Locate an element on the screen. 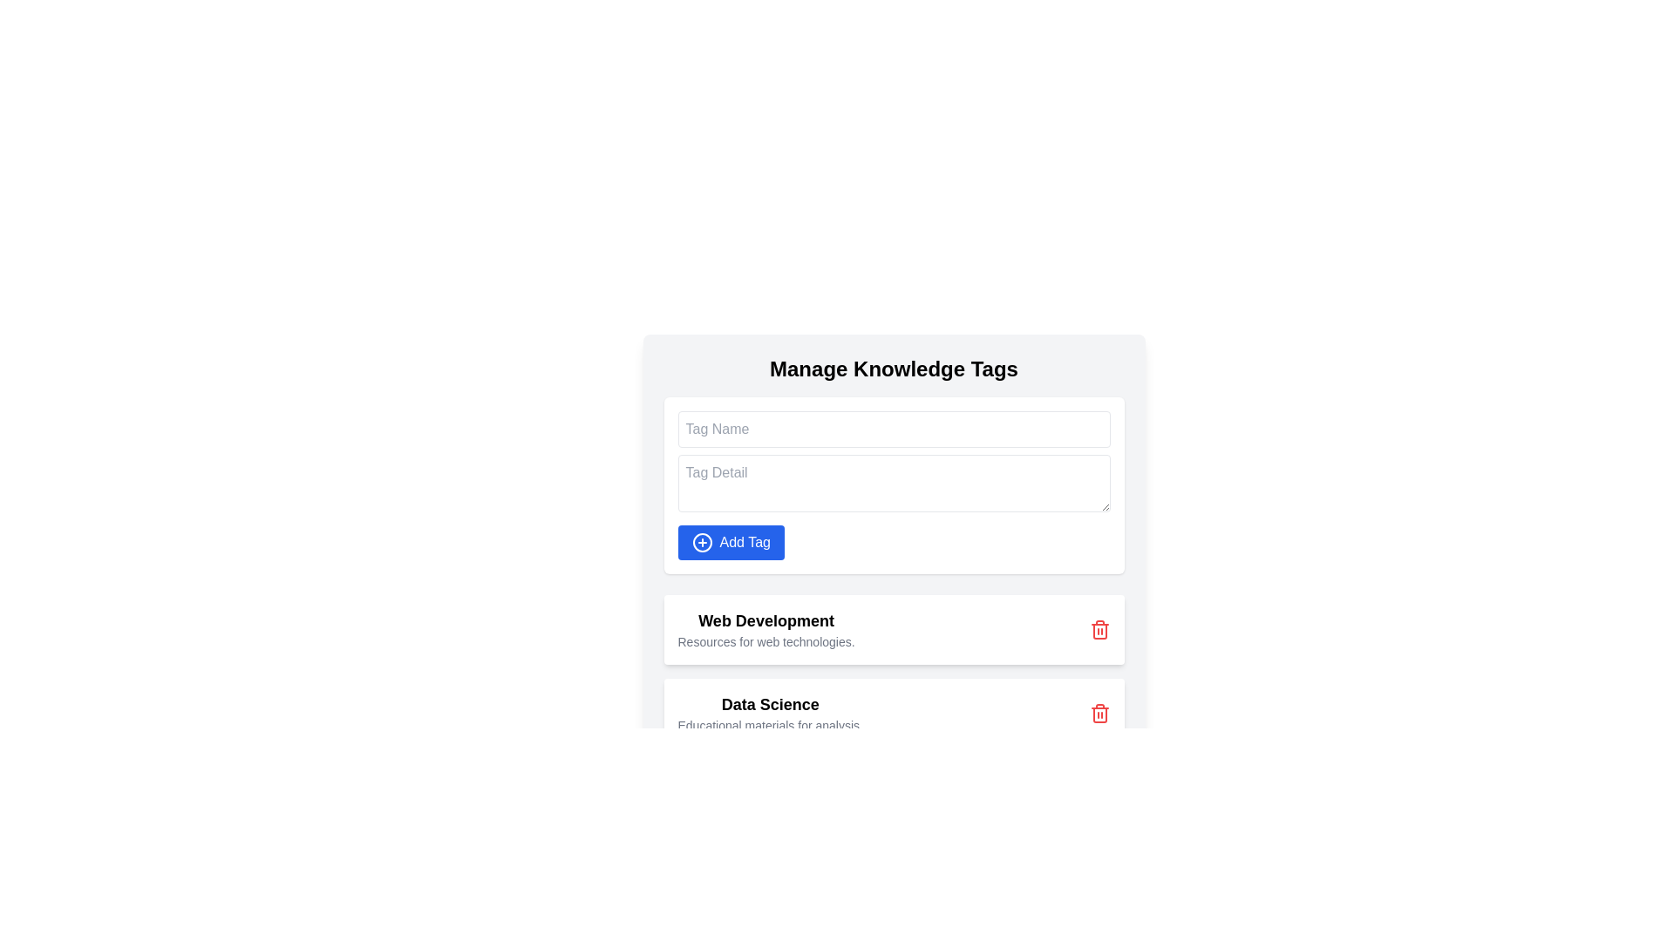  the composite element displaying knowledge tags related to web development, which includes a title text field, a description text field, and a red trash icon is located at coordinates (766, 629).